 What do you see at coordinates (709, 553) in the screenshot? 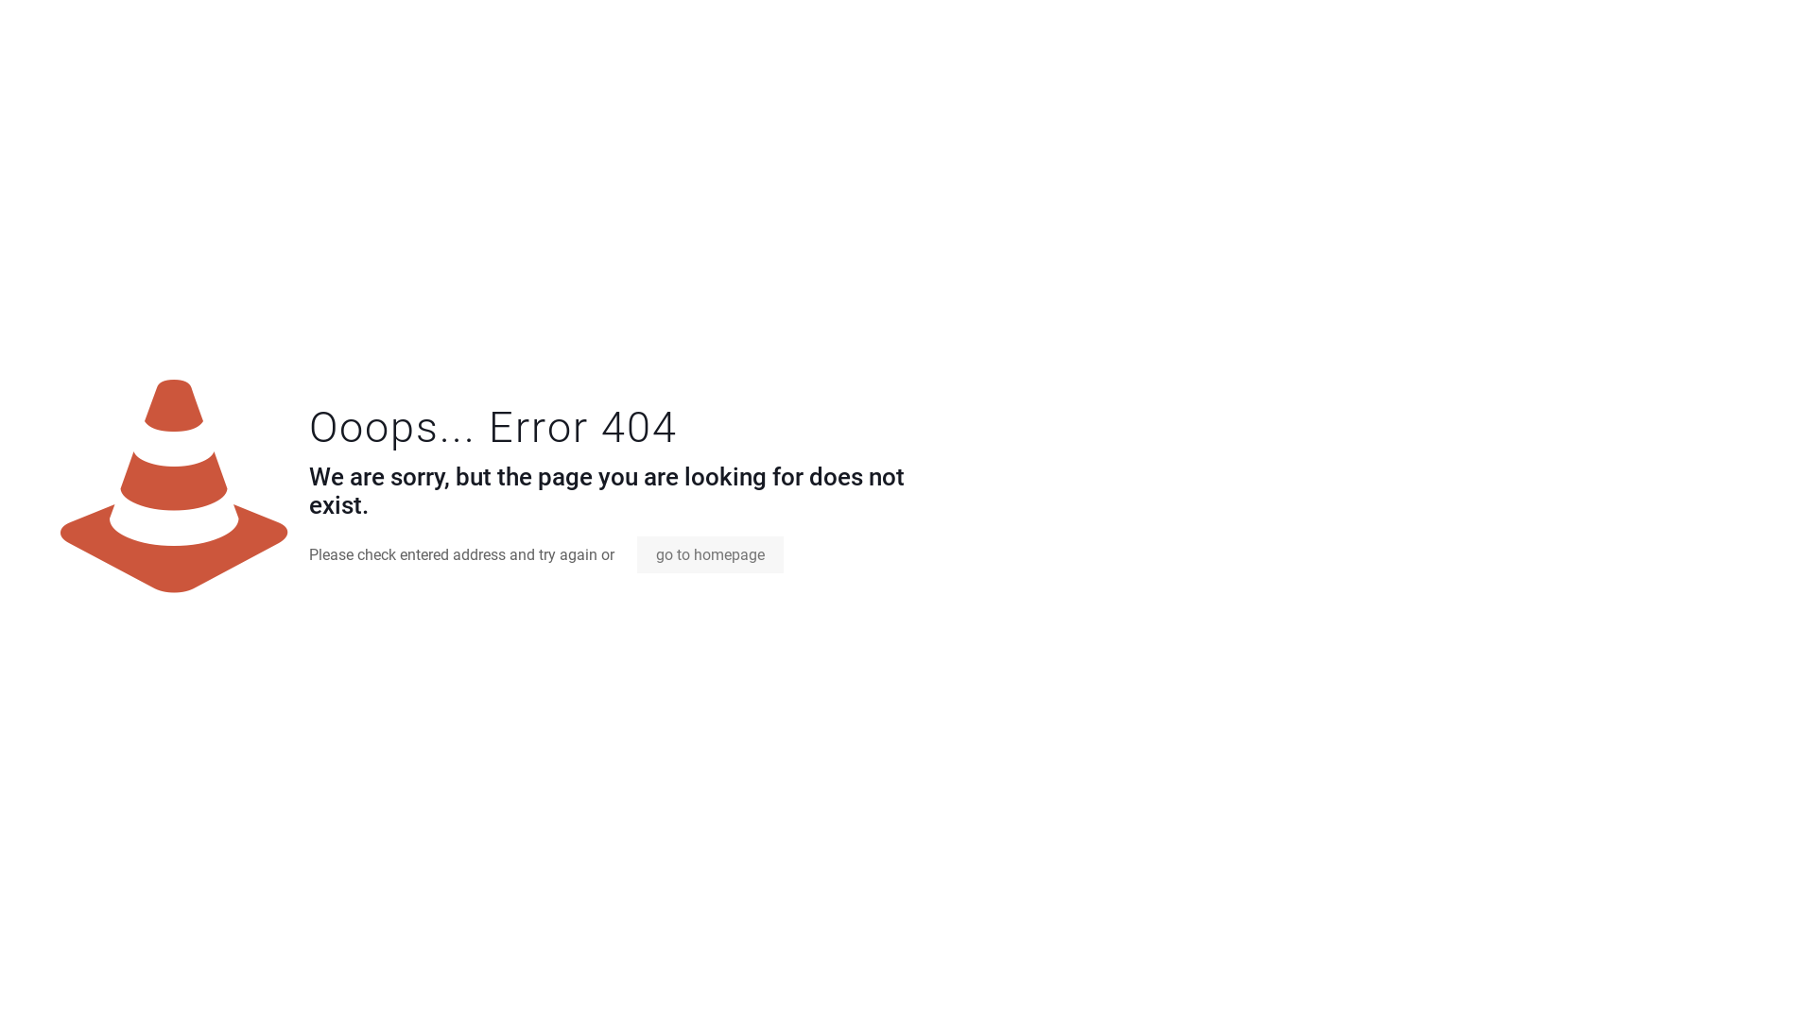
I see `'go to homepage'` at bounding box center [709, 553].